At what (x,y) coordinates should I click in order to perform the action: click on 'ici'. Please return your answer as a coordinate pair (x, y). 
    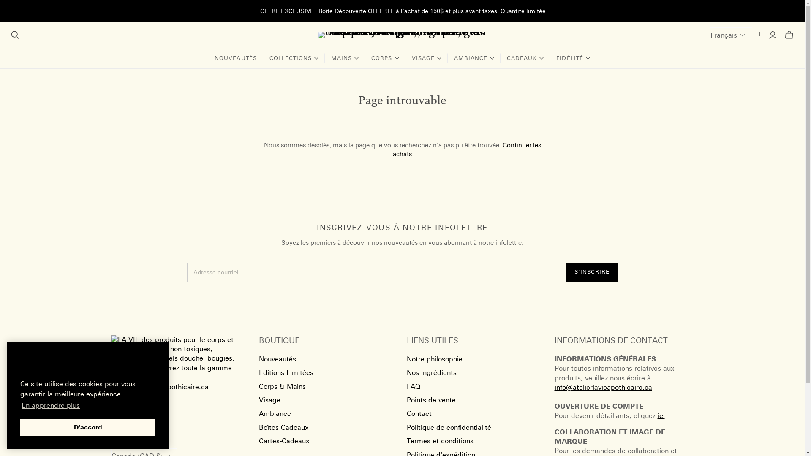
    Looking at the image, I should click on (660, 415).